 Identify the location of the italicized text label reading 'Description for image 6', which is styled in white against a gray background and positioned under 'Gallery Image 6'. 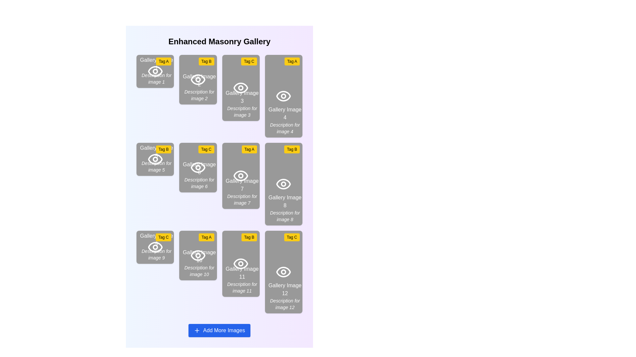
(199, 183).